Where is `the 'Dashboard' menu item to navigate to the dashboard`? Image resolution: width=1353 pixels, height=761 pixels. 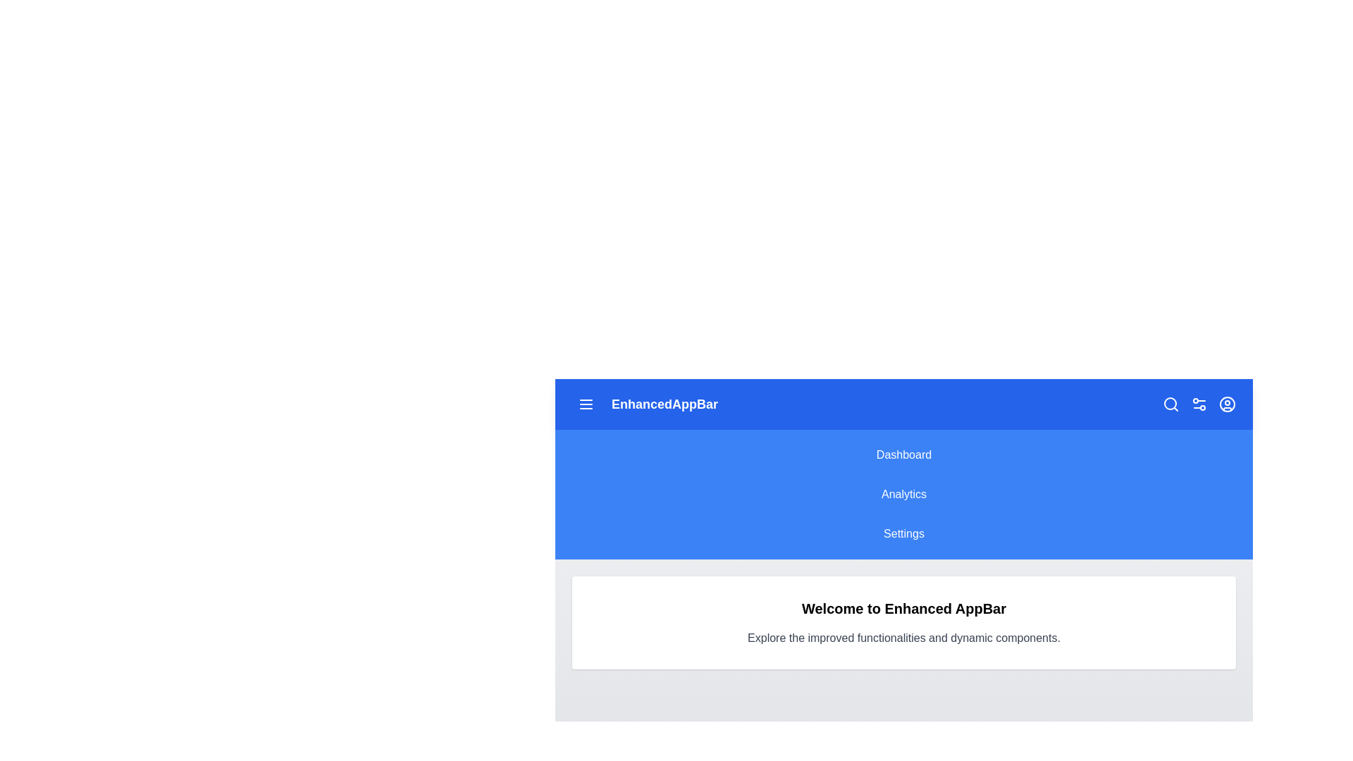
the 'Dashboard' menu item to navigate to the dashboard is located at coordinates (903, 454).